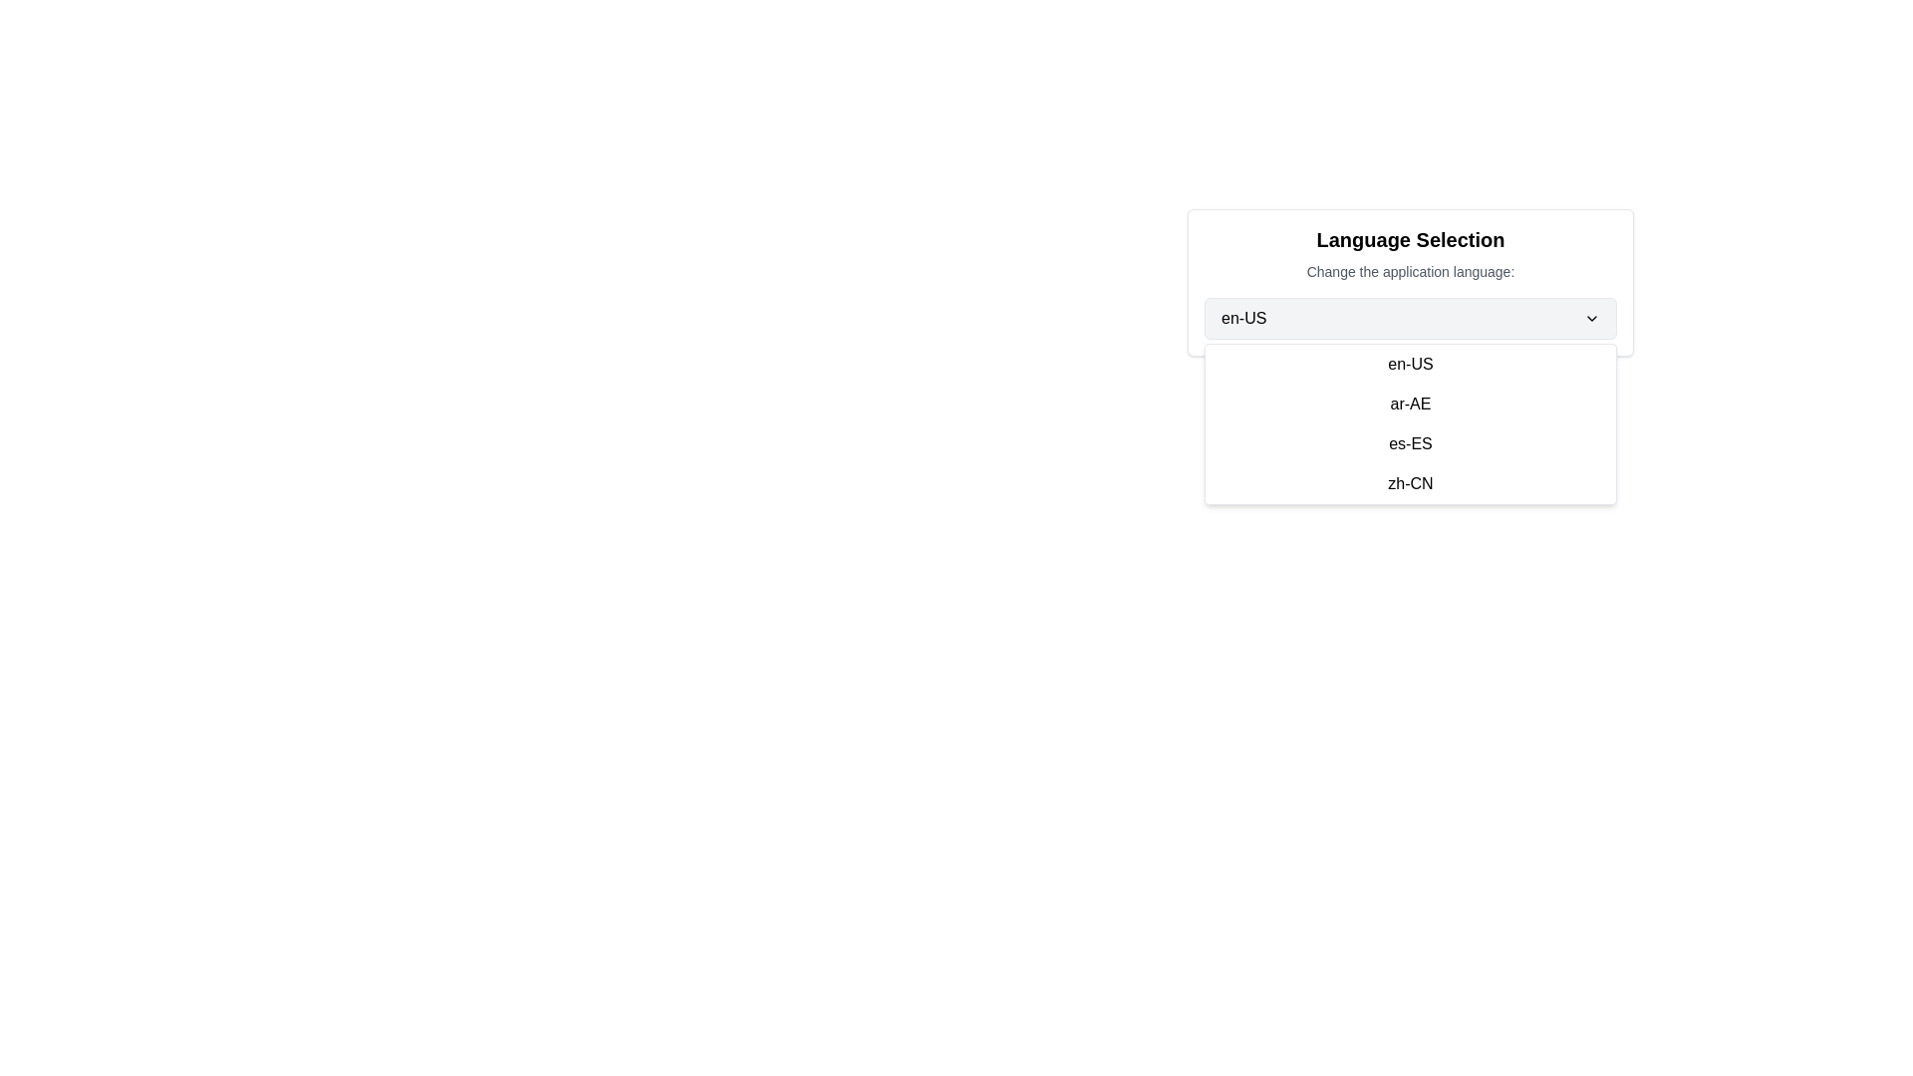 The image size is (1913, 1076). I want to click on the dropdown menu labeled 'en-US', so click(1410, 318).